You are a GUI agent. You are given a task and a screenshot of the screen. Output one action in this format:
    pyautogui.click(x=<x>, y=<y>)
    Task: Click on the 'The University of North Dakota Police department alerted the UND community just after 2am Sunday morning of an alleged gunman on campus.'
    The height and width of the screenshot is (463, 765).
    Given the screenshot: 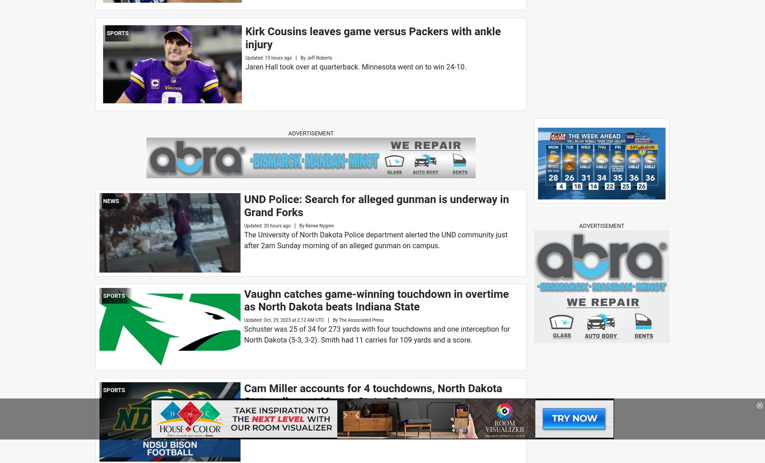 What is the action you would take?
    pyautogui.click(x=375, y=240)
    